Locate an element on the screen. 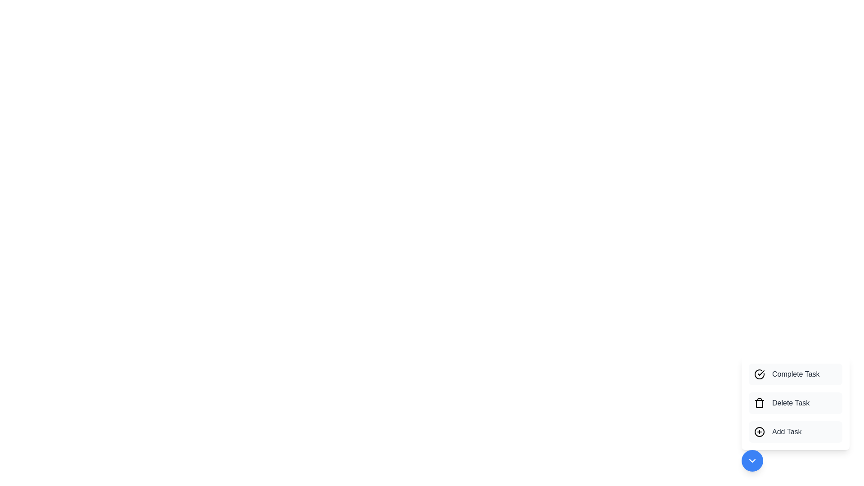 The width and height of the screenshot is (864, 486). the 'Delete Task' button to remove a task is located at coordinates (795, 402).